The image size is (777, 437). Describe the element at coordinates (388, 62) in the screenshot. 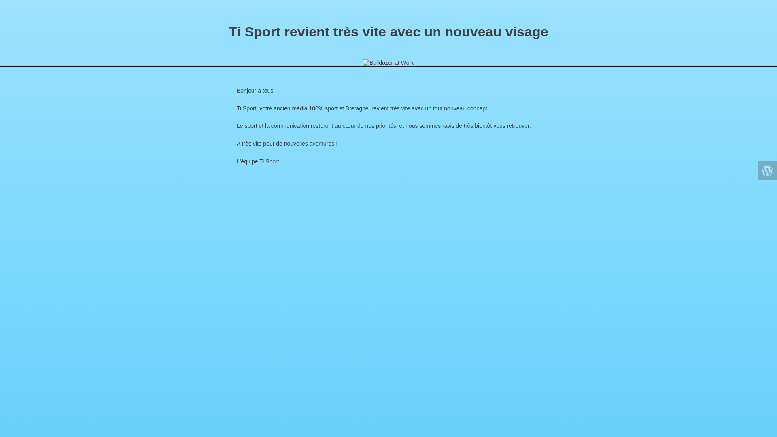

I see `'Bulldozer at Work'` at that location.